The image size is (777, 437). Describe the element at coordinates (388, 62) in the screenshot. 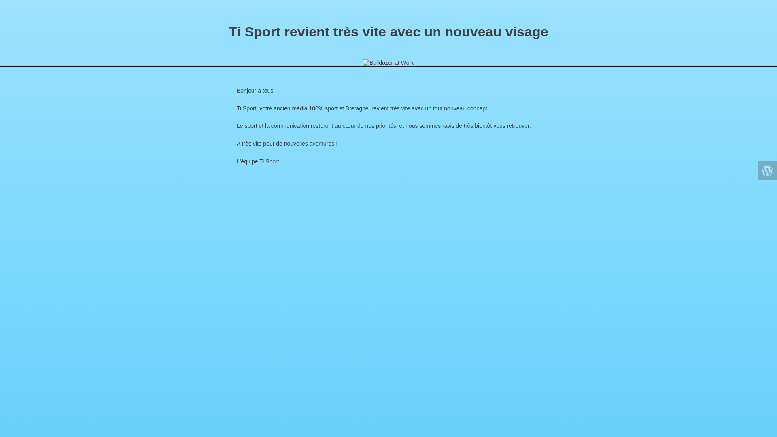

I see `'Bulldozer at Work'` at that location.